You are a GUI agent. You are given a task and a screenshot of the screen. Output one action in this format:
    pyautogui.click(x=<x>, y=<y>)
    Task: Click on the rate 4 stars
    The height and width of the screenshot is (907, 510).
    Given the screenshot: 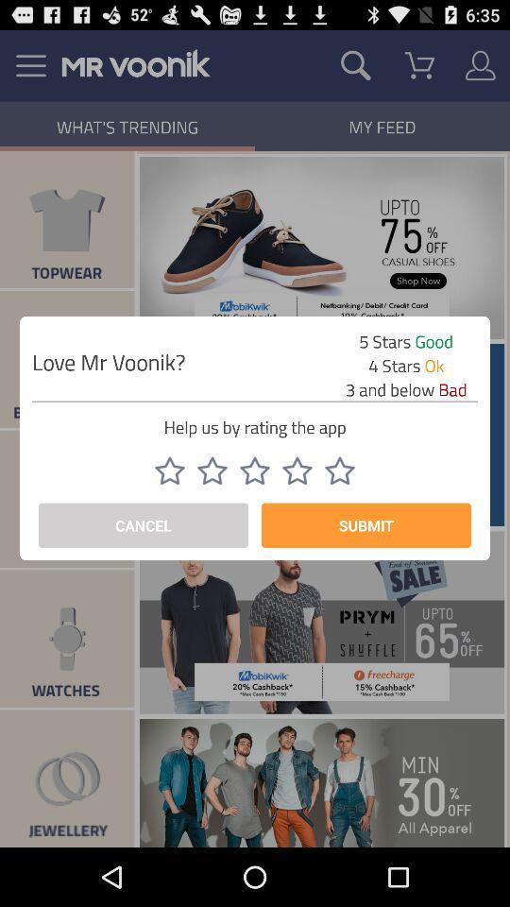 What is the action you would take?
    pyautogui.click(x=297, y=470)
    